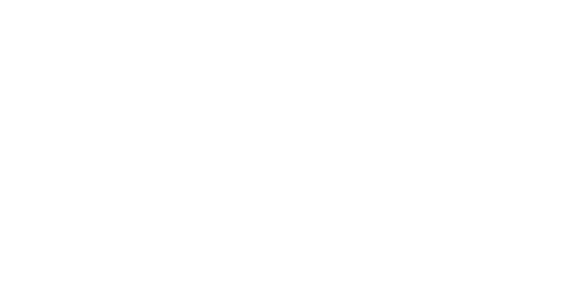 This screenshot has width=586, height=296. I want to click on '(77)', so click(395, 228).